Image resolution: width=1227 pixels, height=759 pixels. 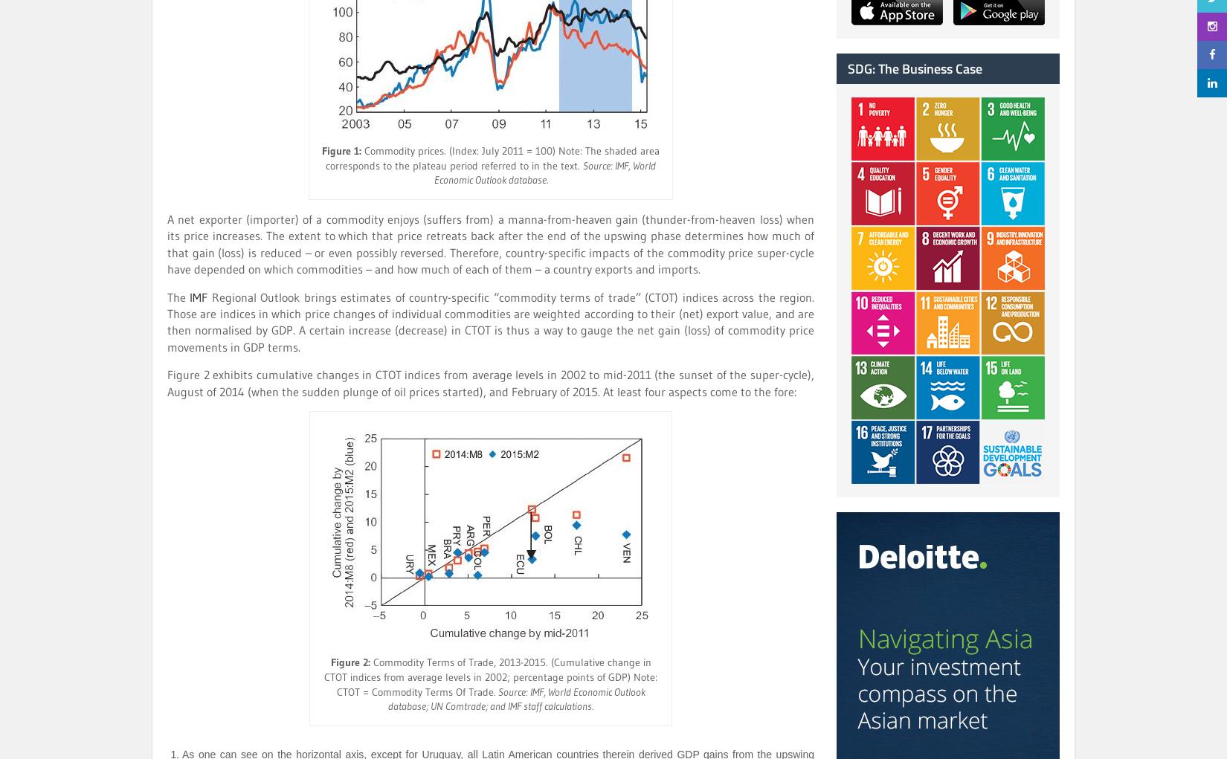 What do you see at coordinates (198, 296) in the screenshot?
I see `'IMF'` at bounding box center [198, 296].